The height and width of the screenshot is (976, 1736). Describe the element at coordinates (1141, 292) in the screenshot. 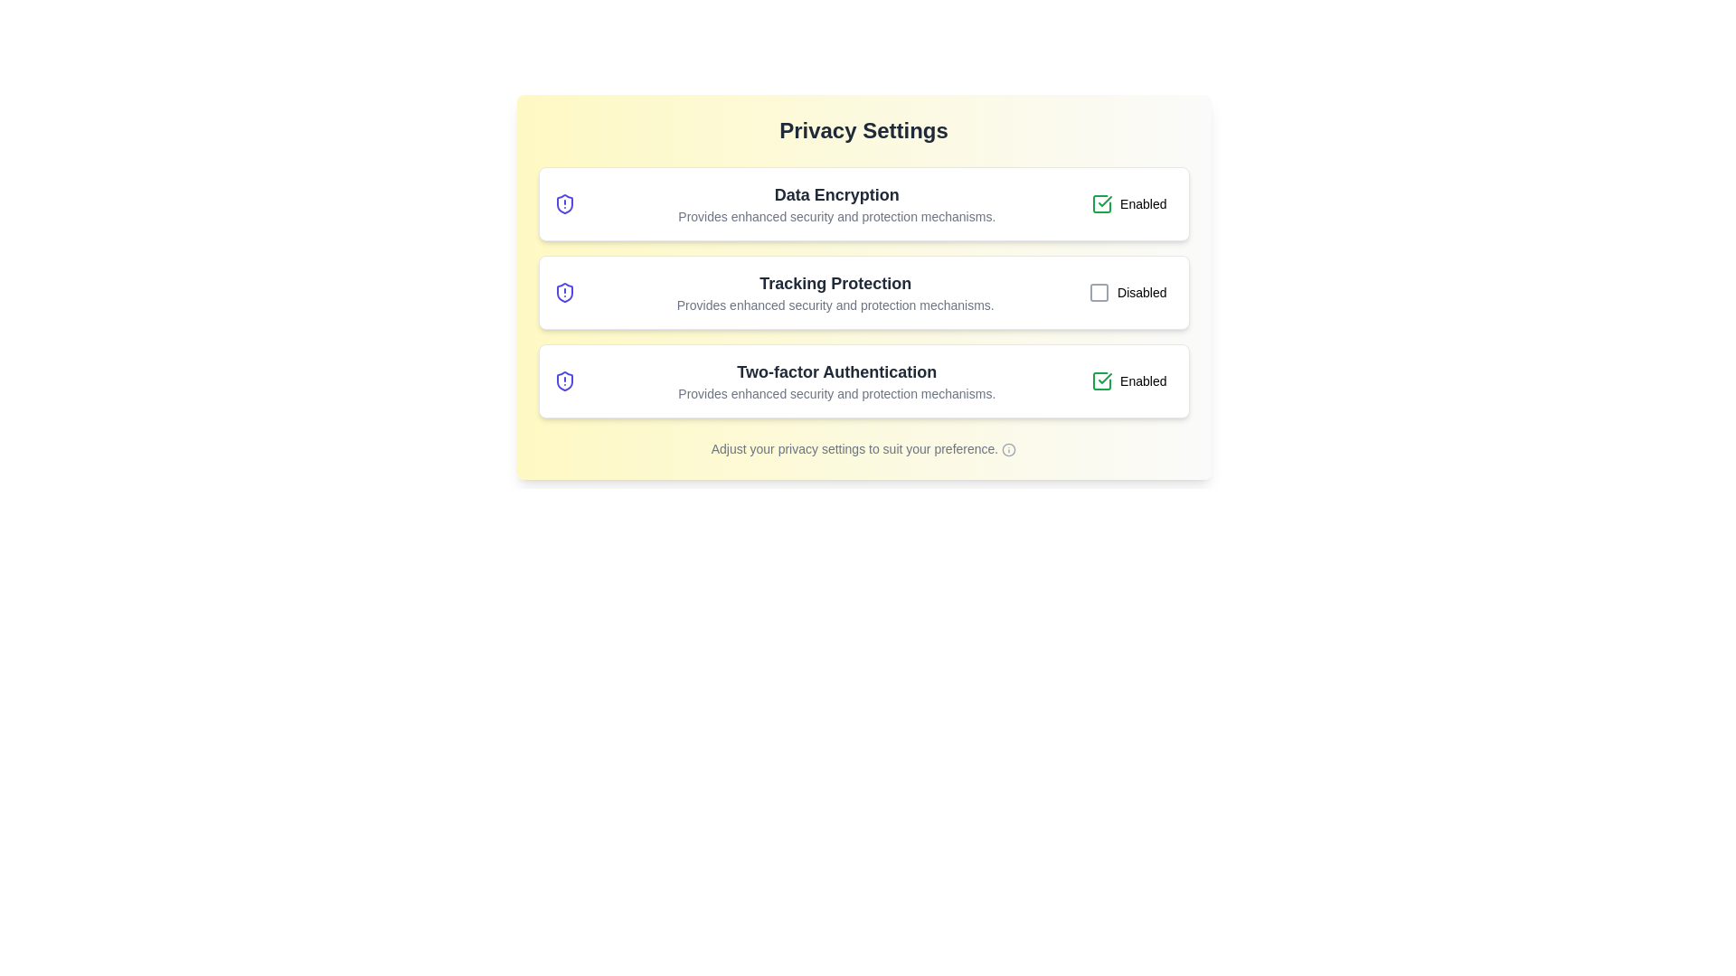

I see `the 'Disabled' text label that is part of the 'Tracking Protection' row in the privacy settings section, located to the right of a checkbox` at that location.